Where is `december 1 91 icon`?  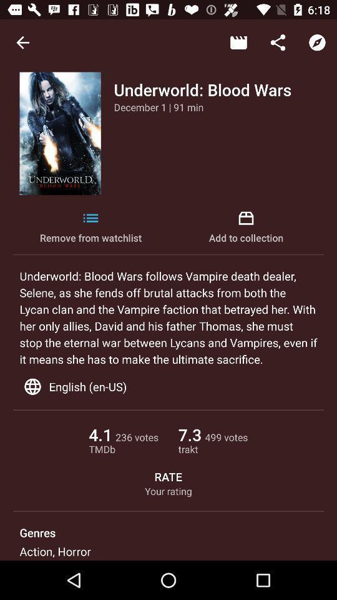 december 1 91 icon is located at coordinates (159, 106).